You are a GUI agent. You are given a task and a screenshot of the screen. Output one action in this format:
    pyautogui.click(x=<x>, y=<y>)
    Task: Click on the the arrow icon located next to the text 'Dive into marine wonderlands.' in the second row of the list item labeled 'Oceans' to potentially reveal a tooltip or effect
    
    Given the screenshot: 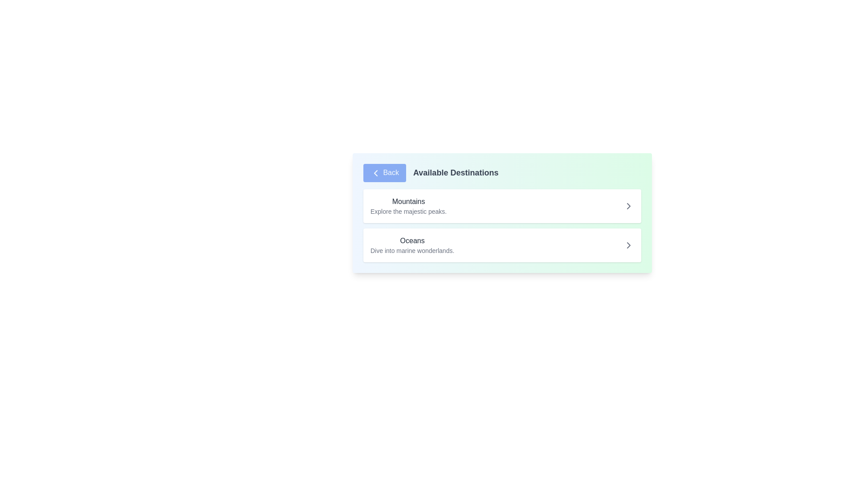 What is the action you would take?
    pyautogui.click(x=628, y=245)
    